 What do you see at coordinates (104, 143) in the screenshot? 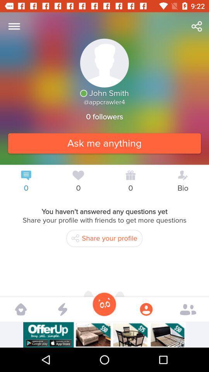
I see `the button which says ask me anything` at bounding box center [104, 143].